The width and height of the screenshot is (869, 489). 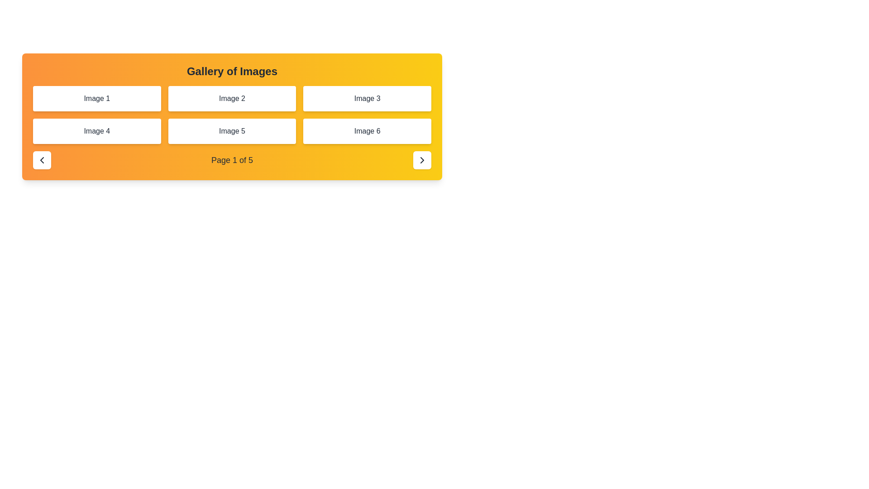 I want to click on the left chevron SVG icon located inside the first button from the left in the bottom navigation row of the gallery interface, so click(x=41, y=160).